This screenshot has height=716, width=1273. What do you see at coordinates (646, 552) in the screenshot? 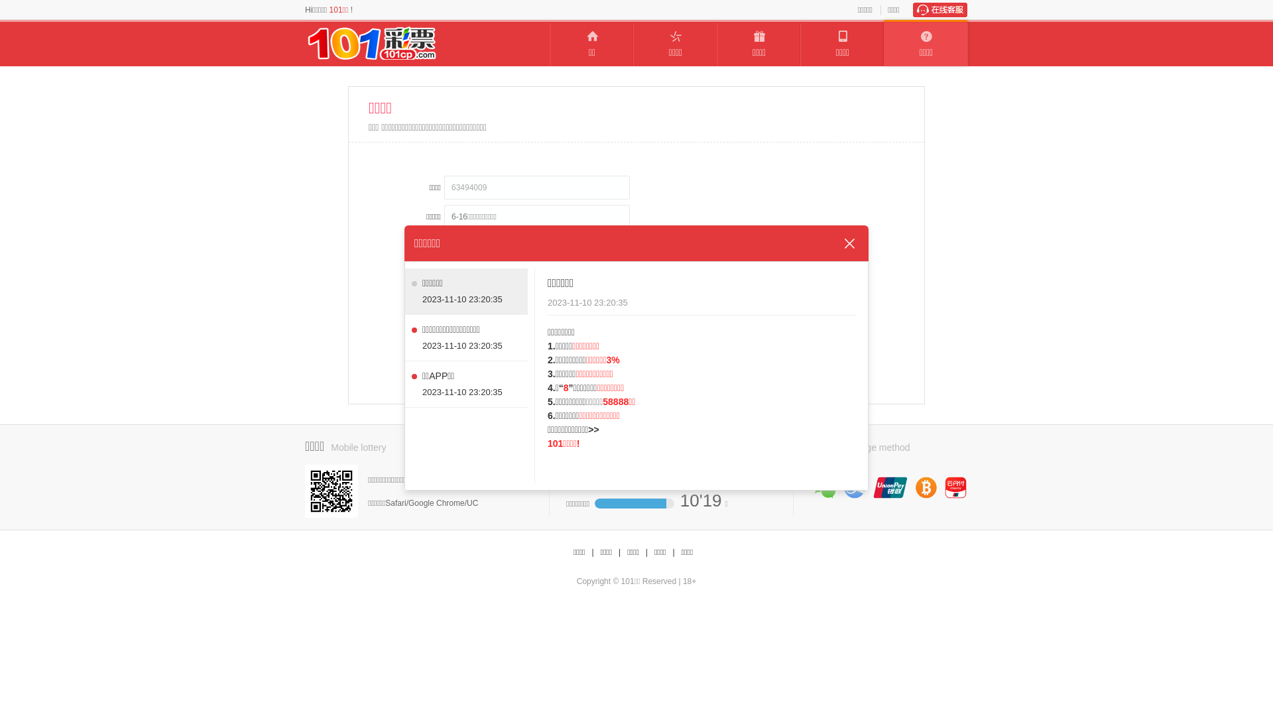
I see `'|'` at bounding box center [646, 552].